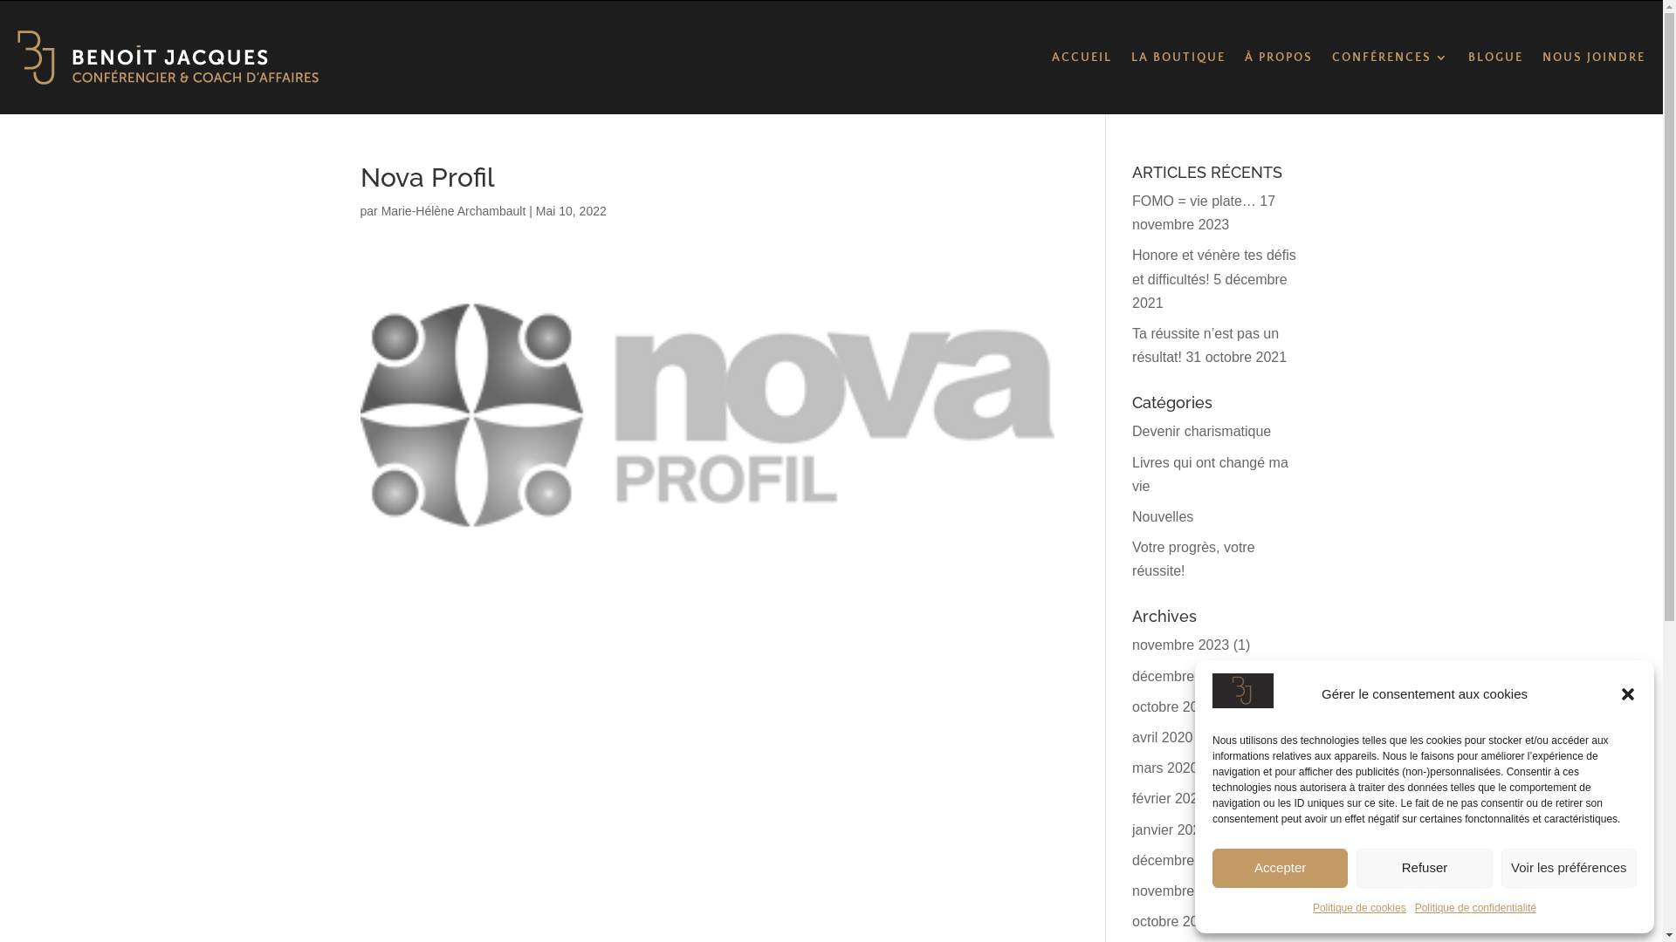 Image resolution: width=1676 pixels, height=942 pixels. Describe the element at coordinates (1163, 515) in the screenshot. I see `'Nouvelles'` at that location.